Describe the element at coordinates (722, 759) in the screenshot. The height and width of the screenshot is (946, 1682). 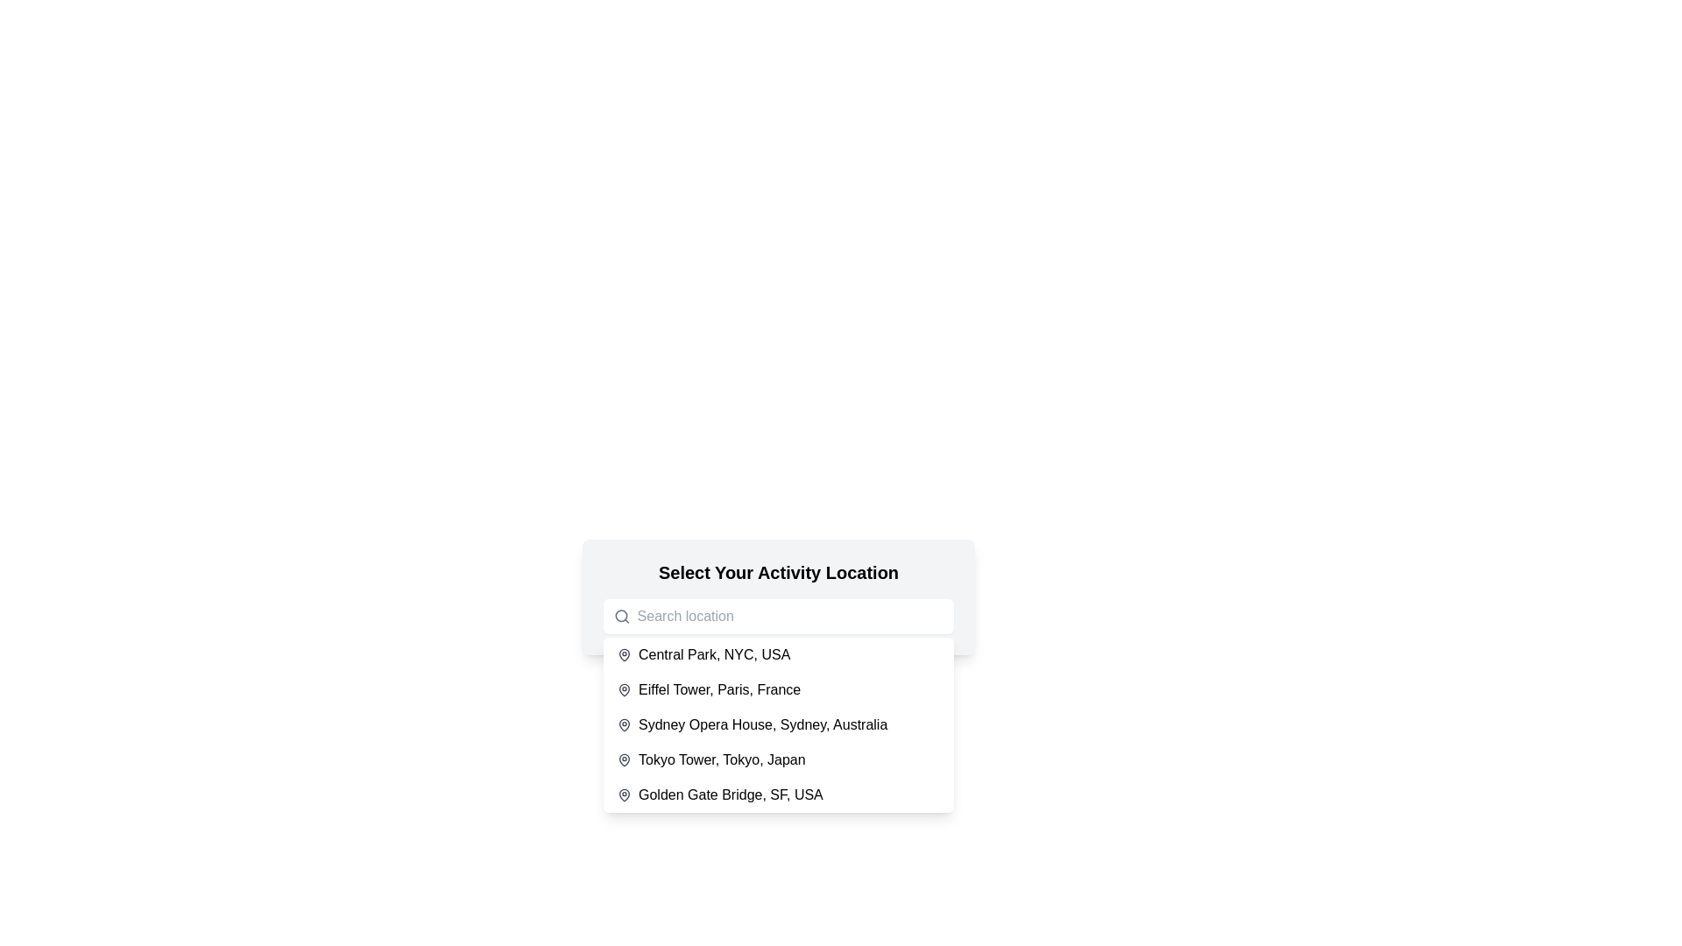
I see `the list item displaying 'Tokyo Tower, Tokyo, Japan'` at that location.